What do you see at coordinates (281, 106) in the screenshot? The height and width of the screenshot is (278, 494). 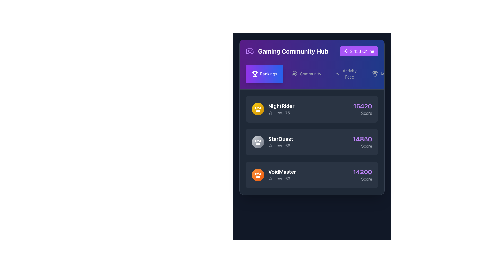 I see `text label 'NightRider', which is styled as bold and large, prominently displayed in white against a dark backdrop within the user rankings list` at bounding box center [281, 106].